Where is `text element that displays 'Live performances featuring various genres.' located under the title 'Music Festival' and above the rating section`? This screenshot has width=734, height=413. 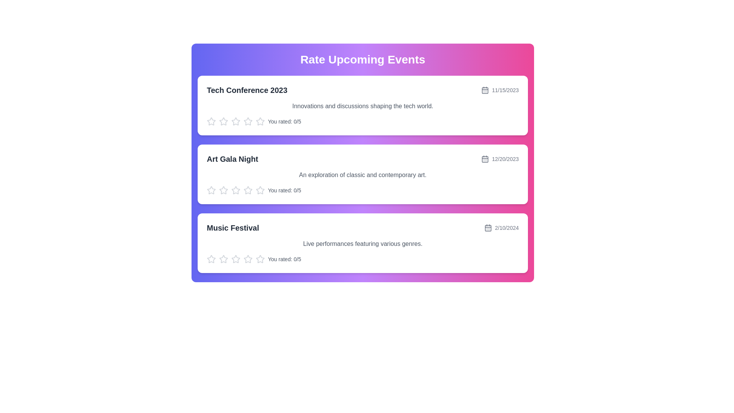 text element that displays 'Live performances featuring various genres.' located under the title 'Music Festival' and above the rating section is located at coordinates (362, 244).